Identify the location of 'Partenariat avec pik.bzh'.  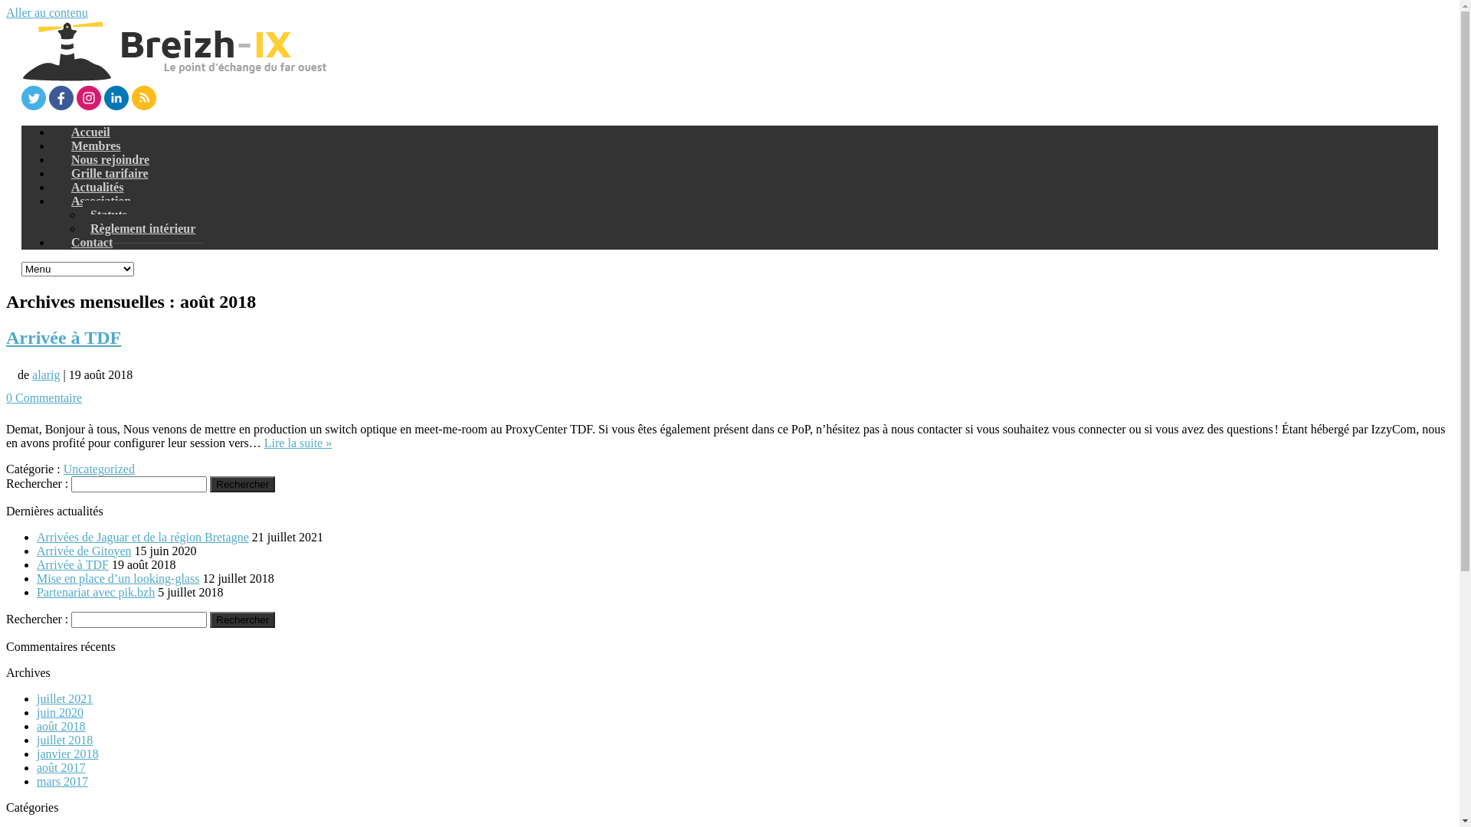
(37, 590).